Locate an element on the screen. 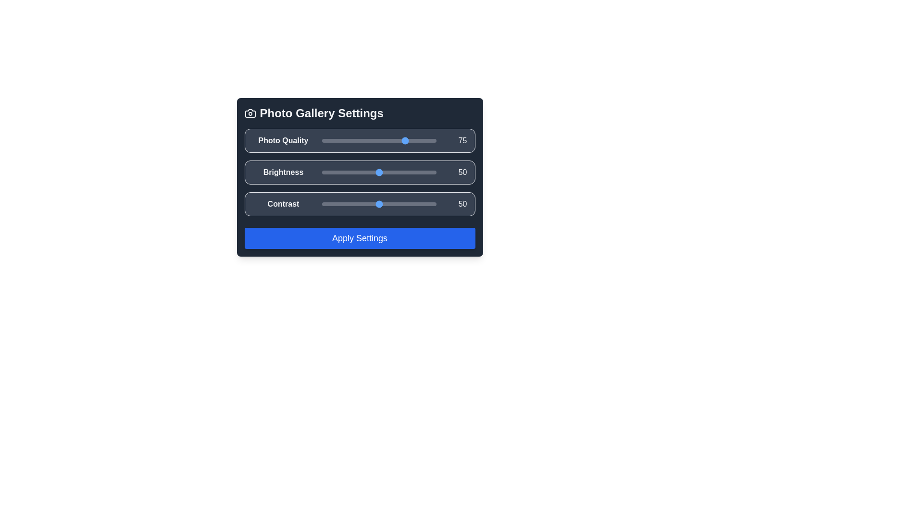 The image size is (923, 519). the contrast is located at coordinates (336, 203).